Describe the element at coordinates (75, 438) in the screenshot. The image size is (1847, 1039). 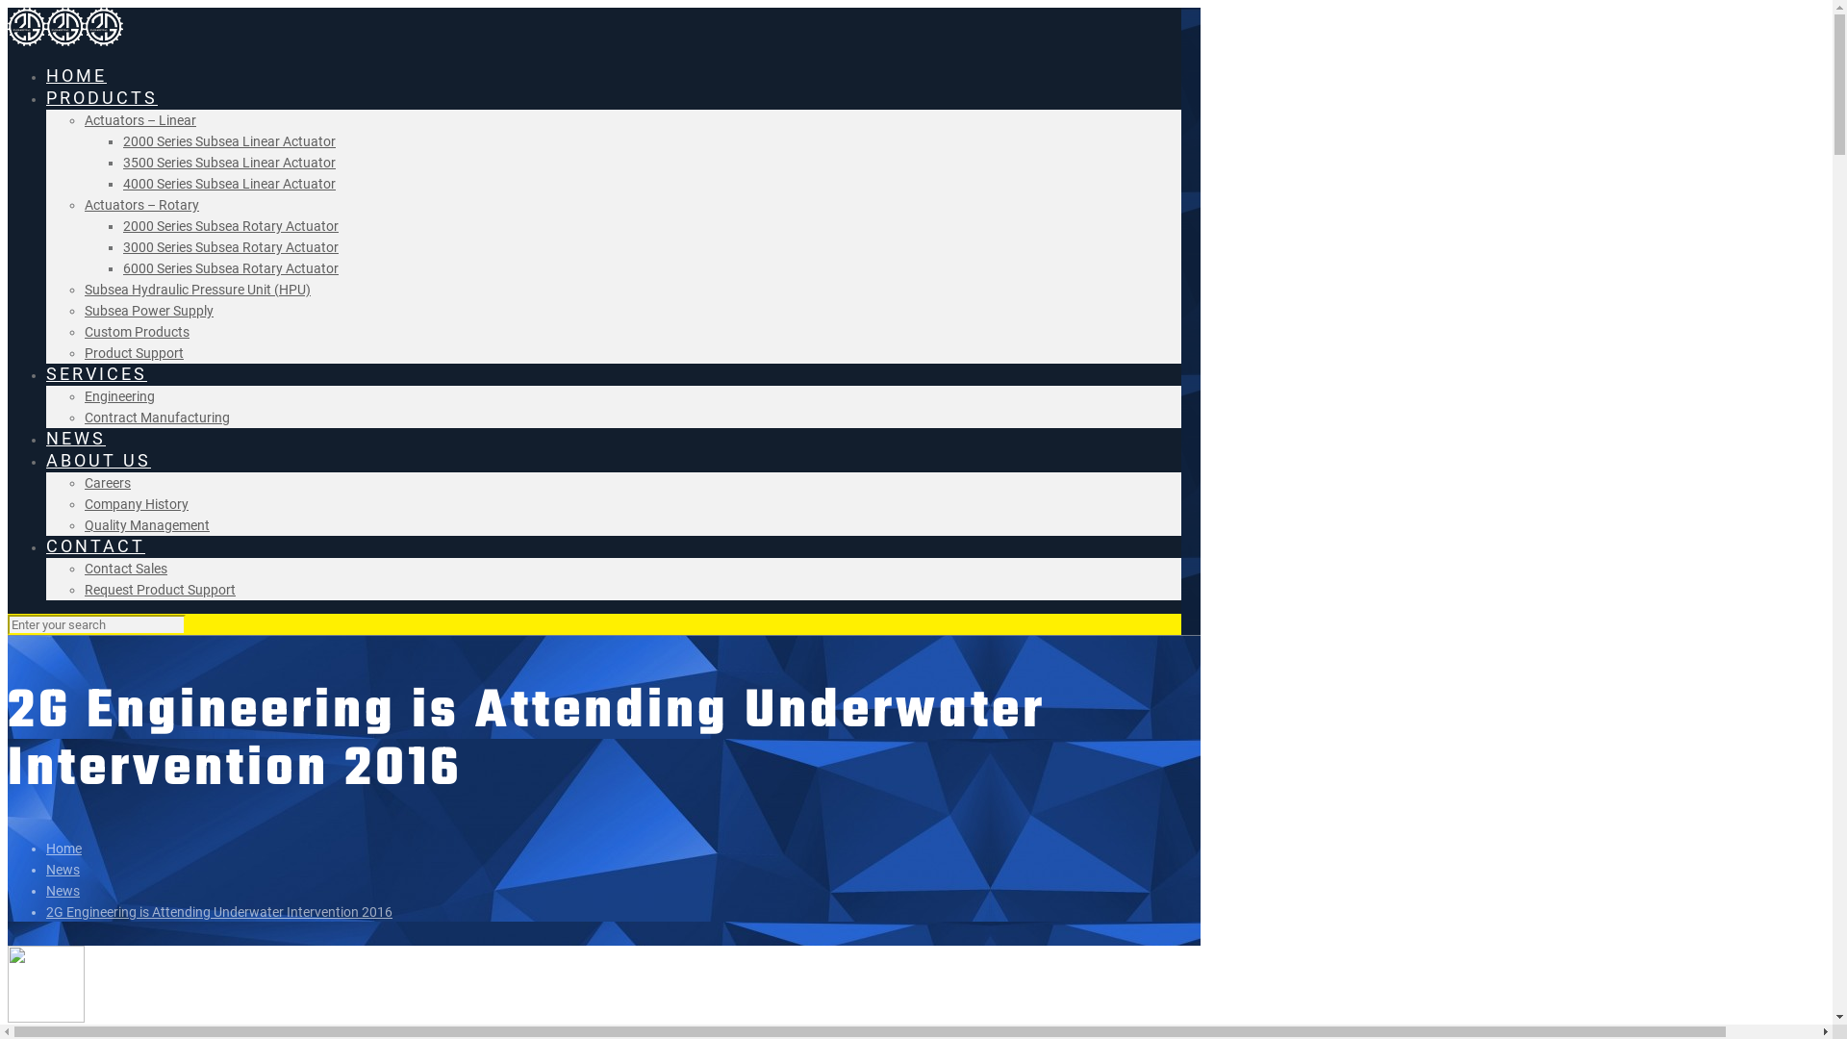
I see `'NEWS'` at that location.